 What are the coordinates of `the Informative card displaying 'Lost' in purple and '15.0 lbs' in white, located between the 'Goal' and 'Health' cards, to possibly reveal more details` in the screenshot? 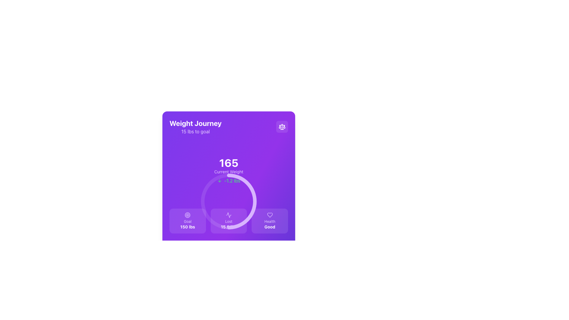 It's located at (228, 221).